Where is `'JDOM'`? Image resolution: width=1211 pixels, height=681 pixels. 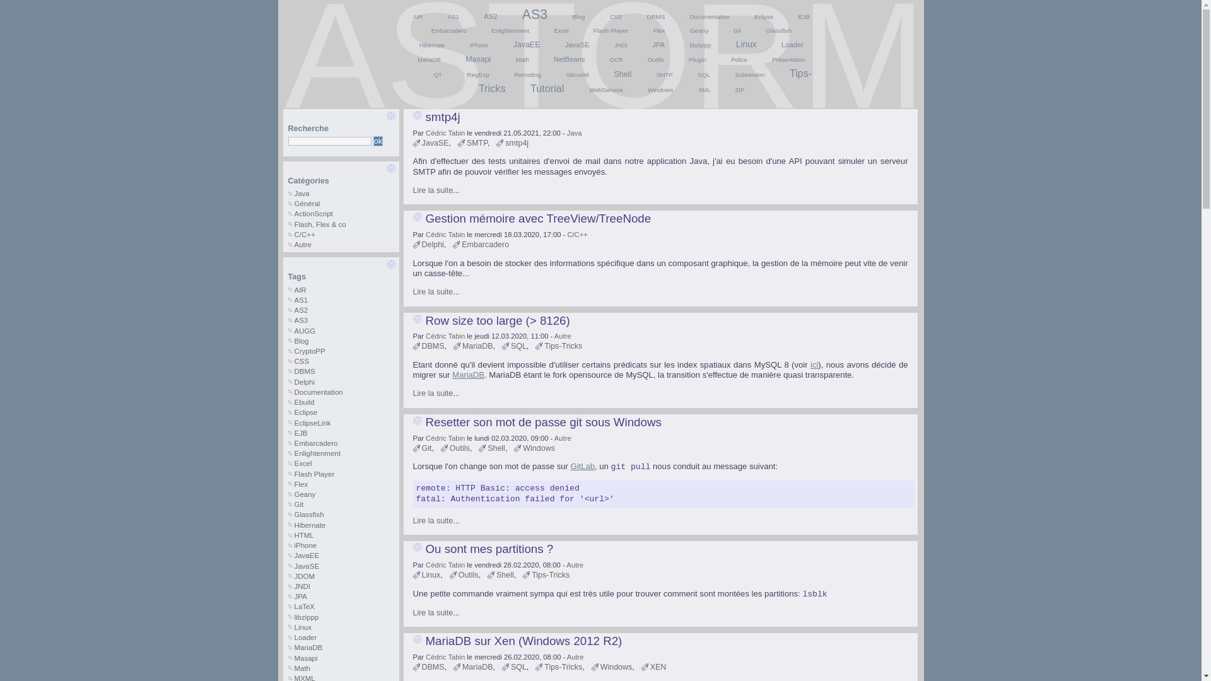
'JDOM' is located at coordinates (304, 576).